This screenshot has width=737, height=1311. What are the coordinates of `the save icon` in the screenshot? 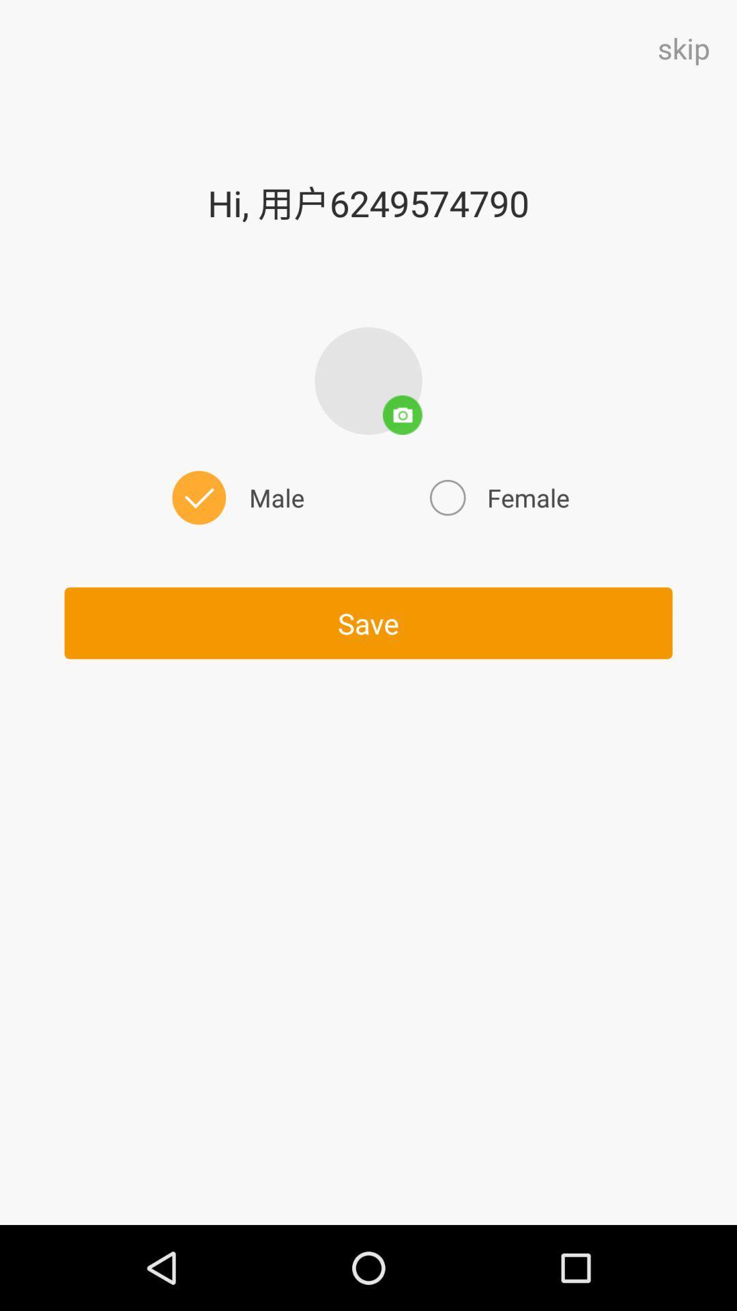 It's located at (369, 622).